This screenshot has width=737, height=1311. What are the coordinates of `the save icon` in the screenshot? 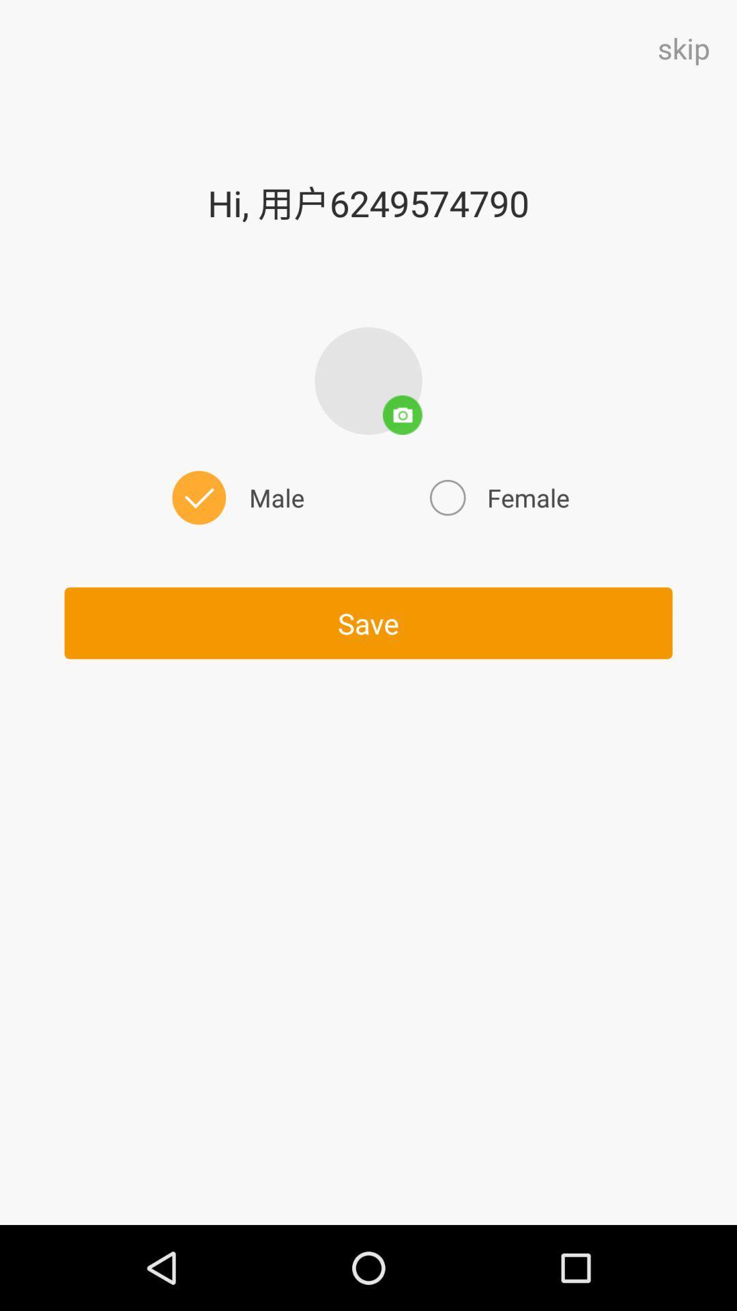 It's located at (369, 622).